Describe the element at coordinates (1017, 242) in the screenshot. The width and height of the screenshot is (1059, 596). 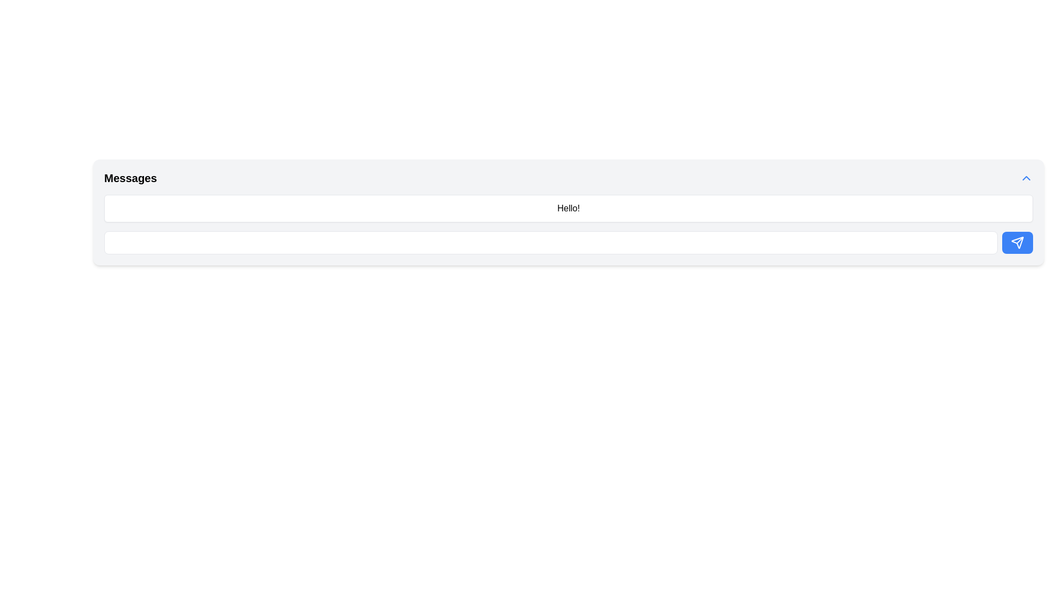
I see `the paper plane icon located inside the blue button at the rightmost end of the horizontal input field to send a message` at that location.